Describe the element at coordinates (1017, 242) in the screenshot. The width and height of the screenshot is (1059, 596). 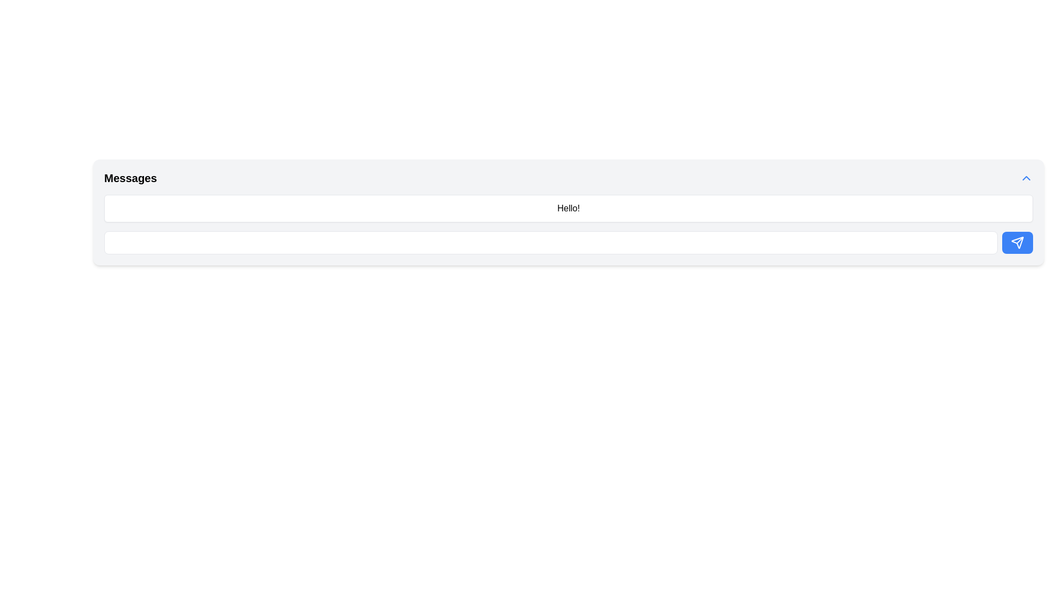
I see `the paper plane icon located inside the blue button at the rightmost end of the horizontal input field to send a message` at that location.